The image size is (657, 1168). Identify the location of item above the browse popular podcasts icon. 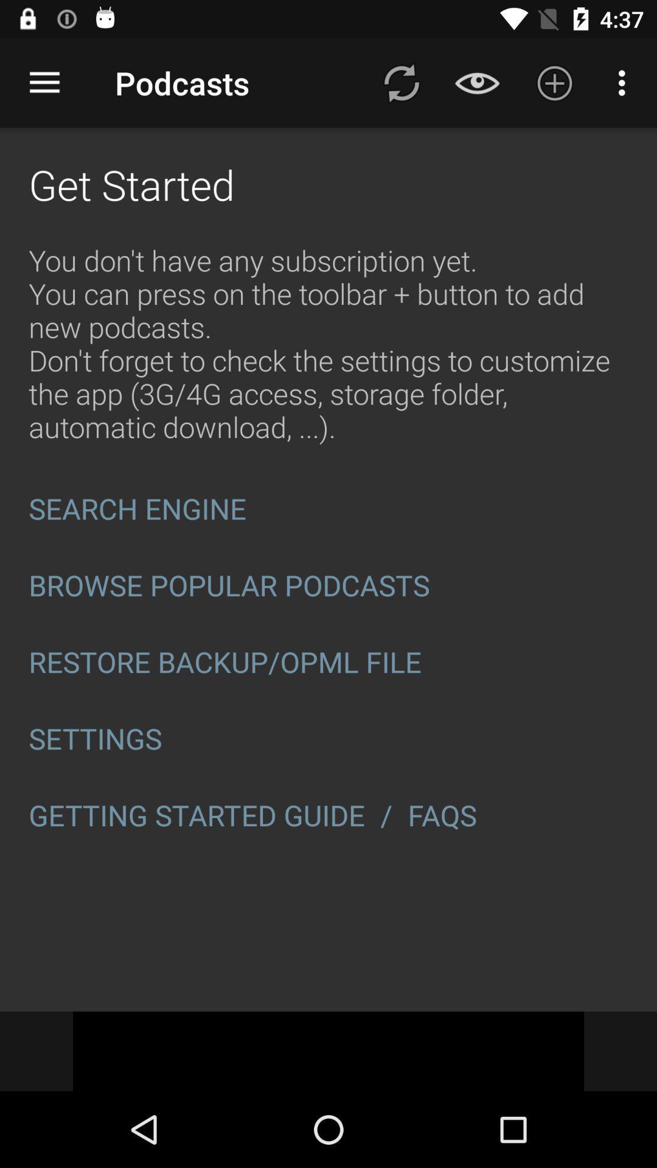
(328, 509).